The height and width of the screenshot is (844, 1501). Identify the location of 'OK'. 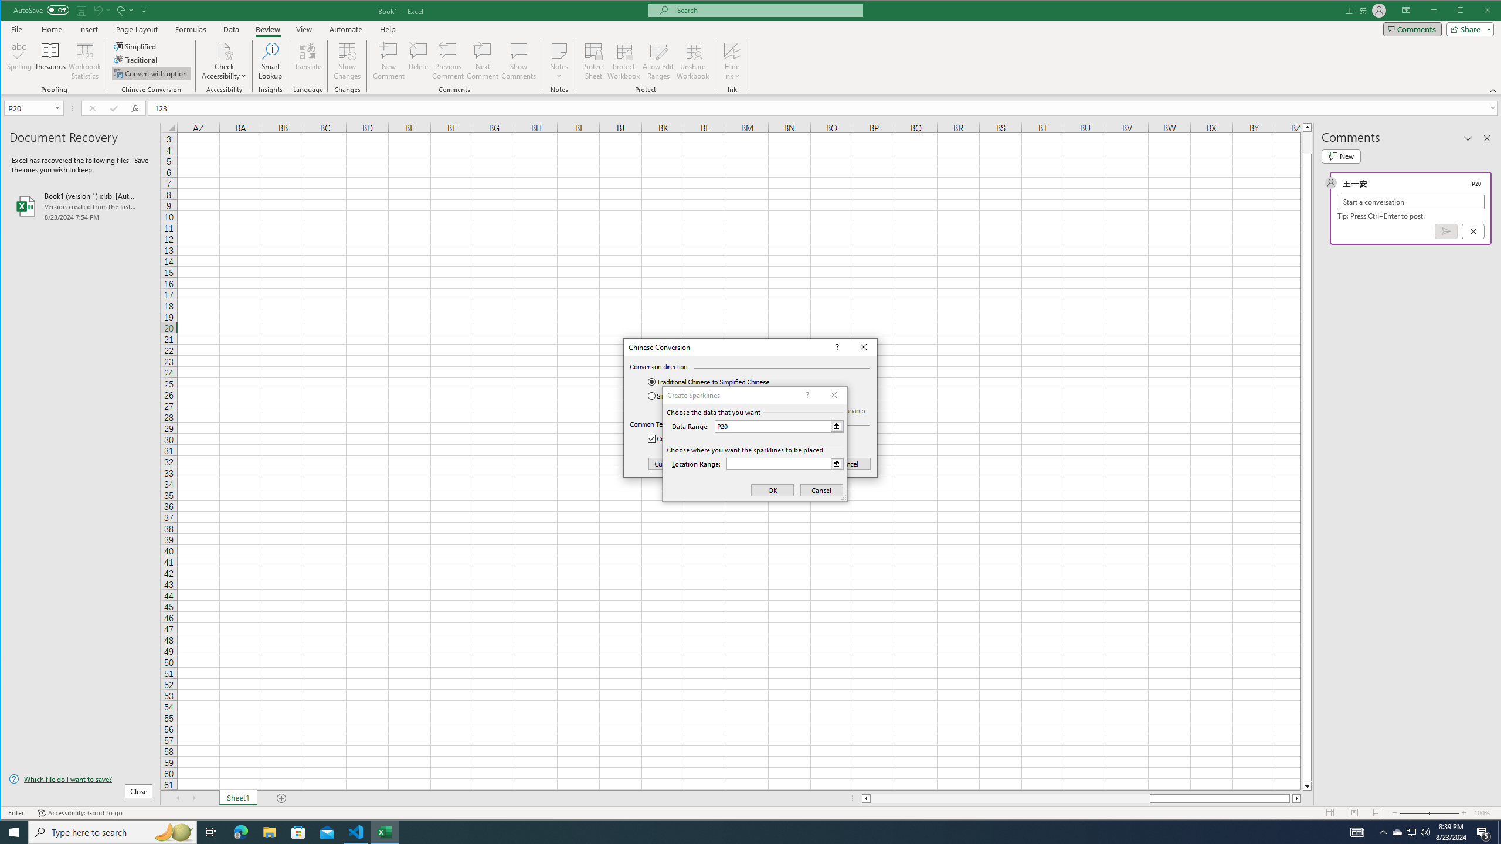
(795, 464).